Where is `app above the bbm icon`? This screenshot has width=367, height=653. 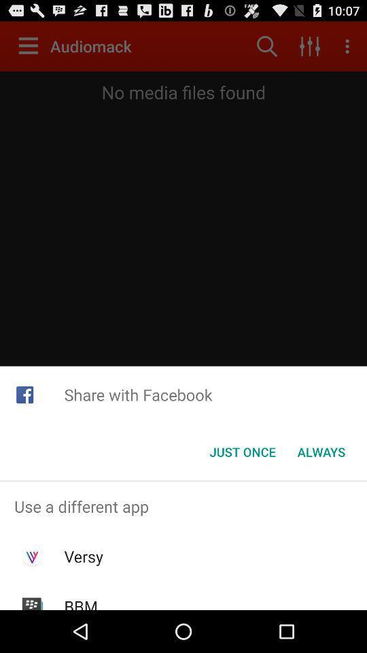
app above the bbm icon is located at coordinates (84, 556).